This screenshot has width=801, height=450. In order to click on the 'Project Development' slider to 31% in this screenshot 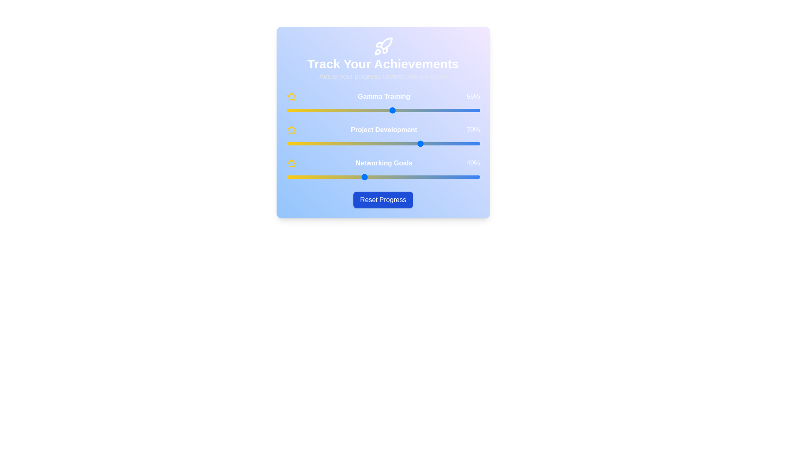, I will do `click(346, 143)`.